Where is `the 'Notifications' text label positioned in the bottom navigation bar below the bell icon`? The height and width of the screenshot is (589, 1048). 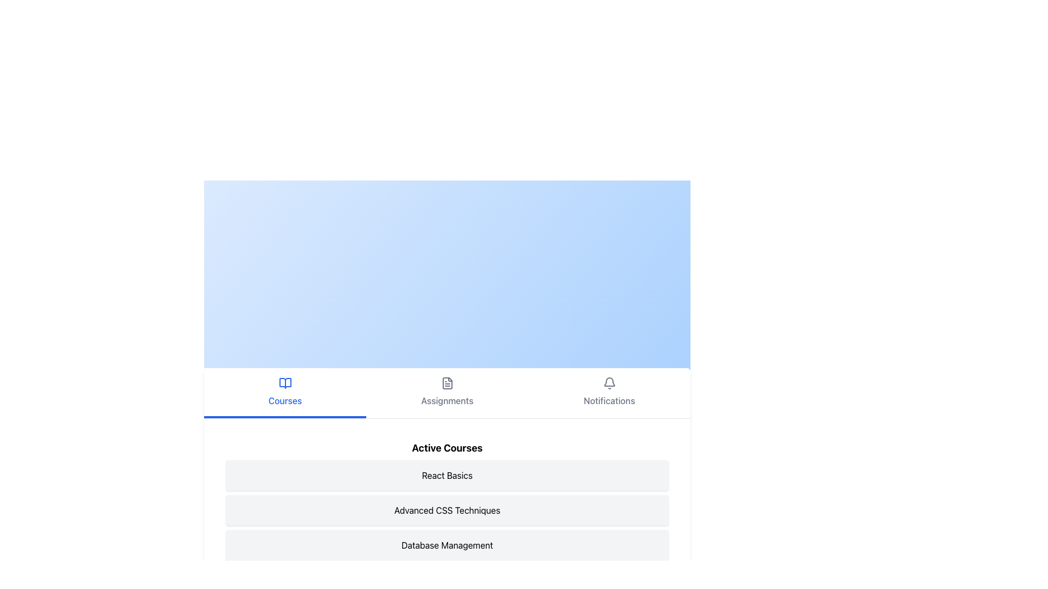
the 'Notifications' text label positioned in the bottom navigation bar below the bell icon is located at coordinates (609, 400).